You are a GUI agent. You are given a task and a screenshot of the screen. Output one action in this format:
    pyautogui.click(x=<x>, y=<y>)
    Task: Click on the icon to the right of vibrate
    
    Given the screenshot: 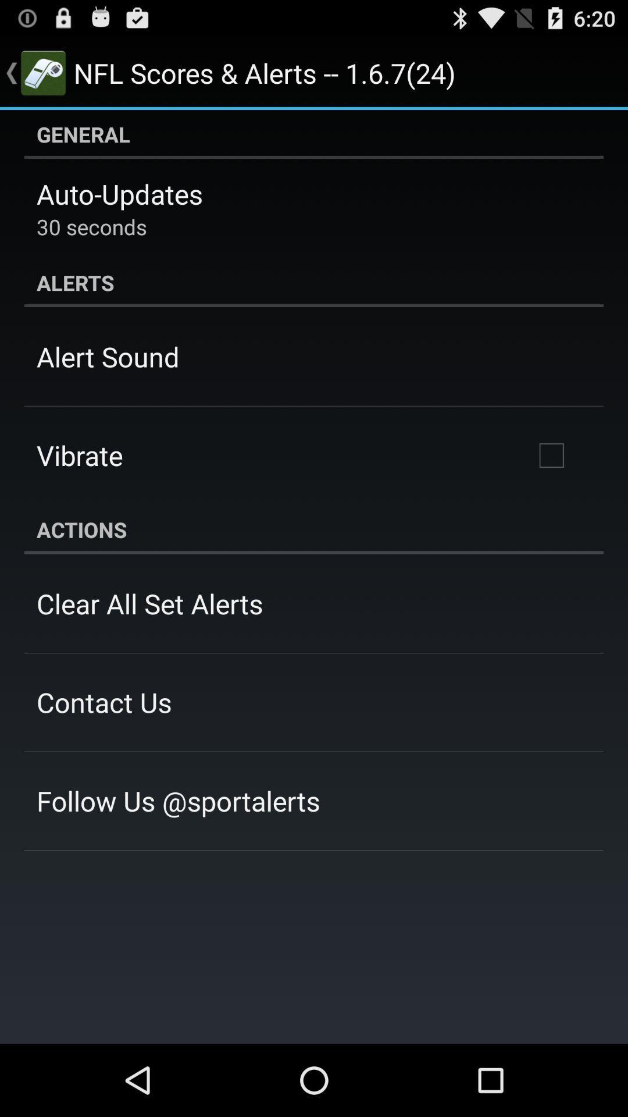 What is the action you would take?
    pyautogui.click(x=551, y=454)
    